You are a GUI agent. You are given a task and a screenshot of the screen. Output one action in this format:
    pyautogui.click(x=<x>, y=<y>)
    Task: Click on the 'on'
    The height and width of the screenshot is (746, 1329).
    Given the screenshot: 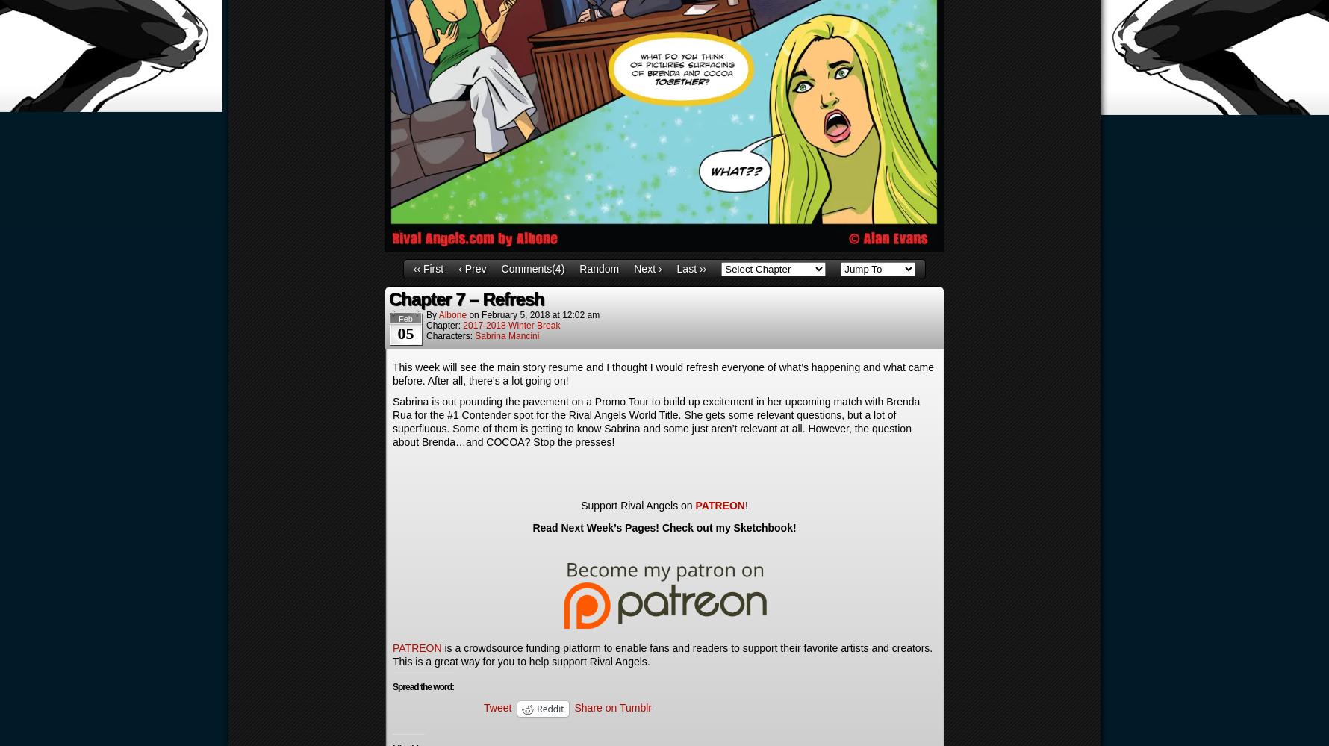 What is the action you would take?
    pyautogui.click(x=475, y=313)
    